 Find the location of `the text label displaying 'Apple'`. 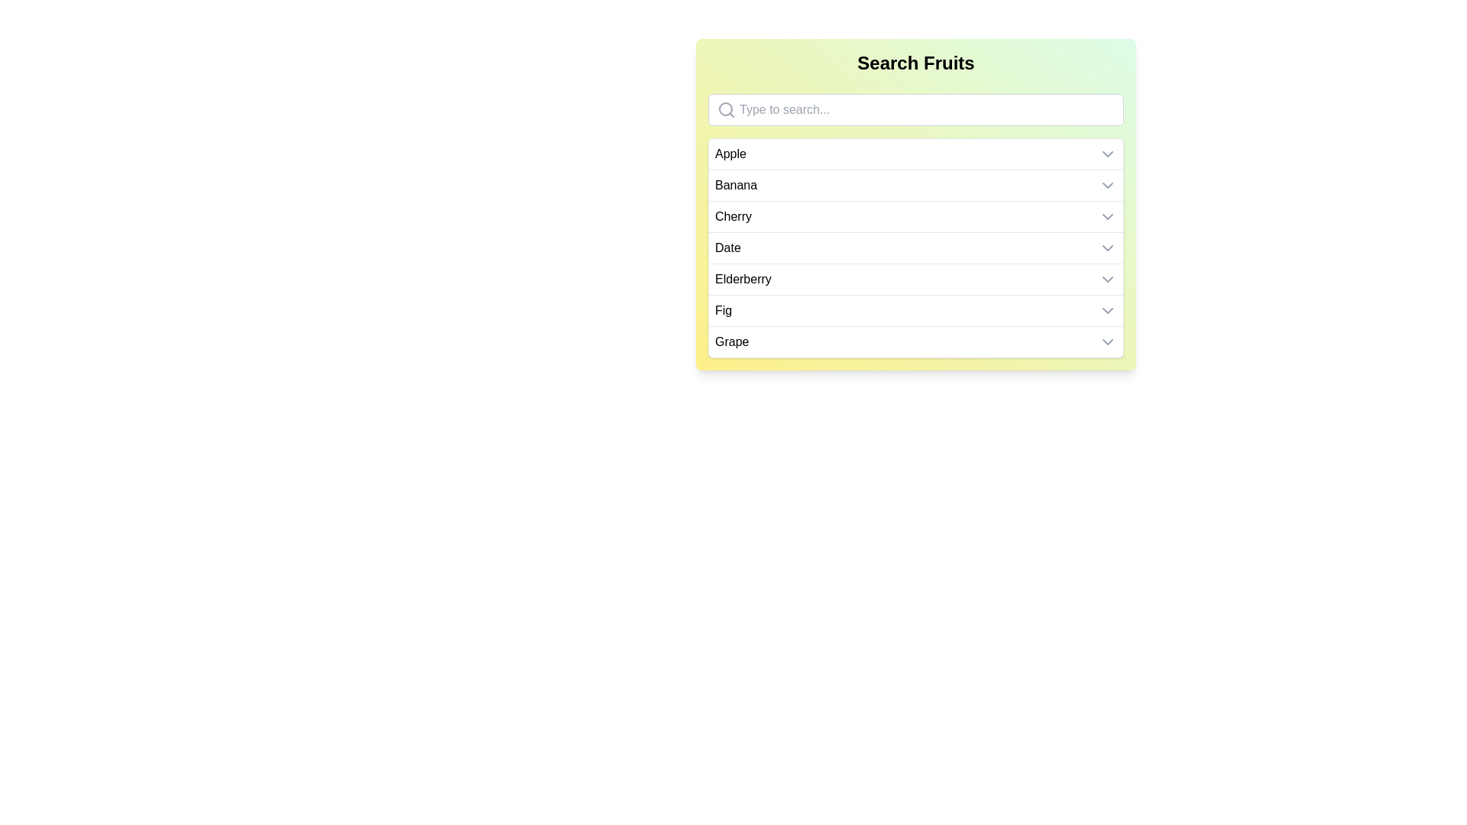

the text label displaying 'Apple' is located at coordinates (730, 154).